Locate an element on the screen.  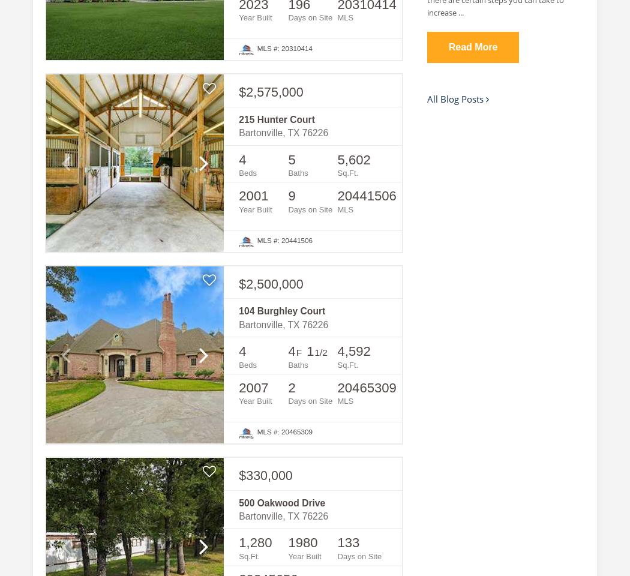
'2' is located at coordinates (287, 386).